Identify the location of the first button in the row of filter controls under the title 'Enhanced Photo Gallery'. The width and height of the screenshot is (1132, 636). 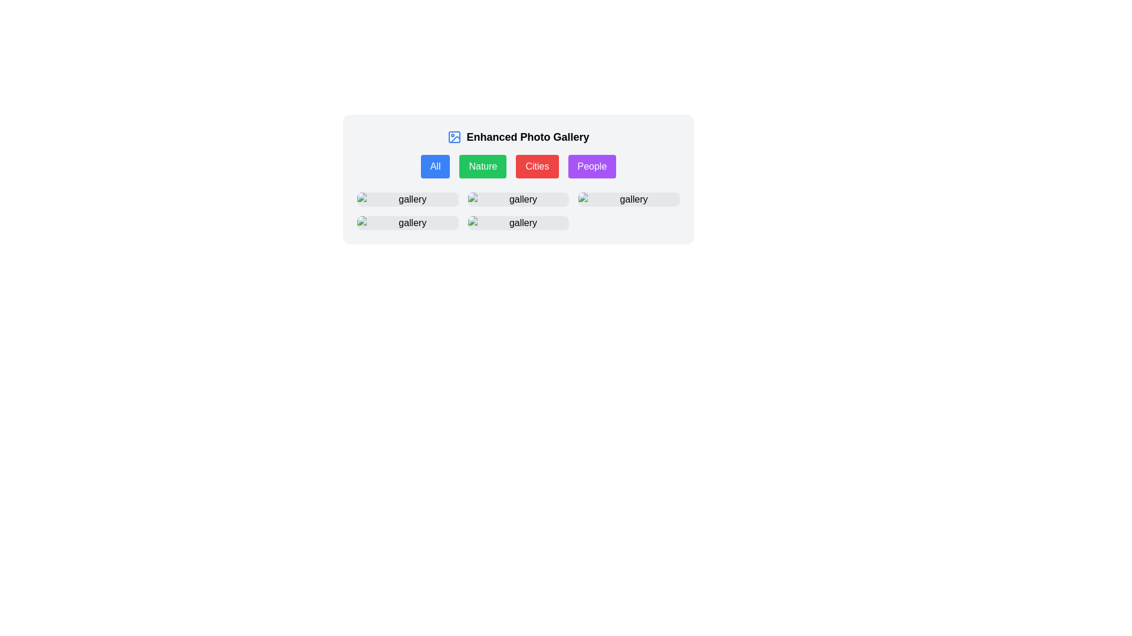
(435, 166).